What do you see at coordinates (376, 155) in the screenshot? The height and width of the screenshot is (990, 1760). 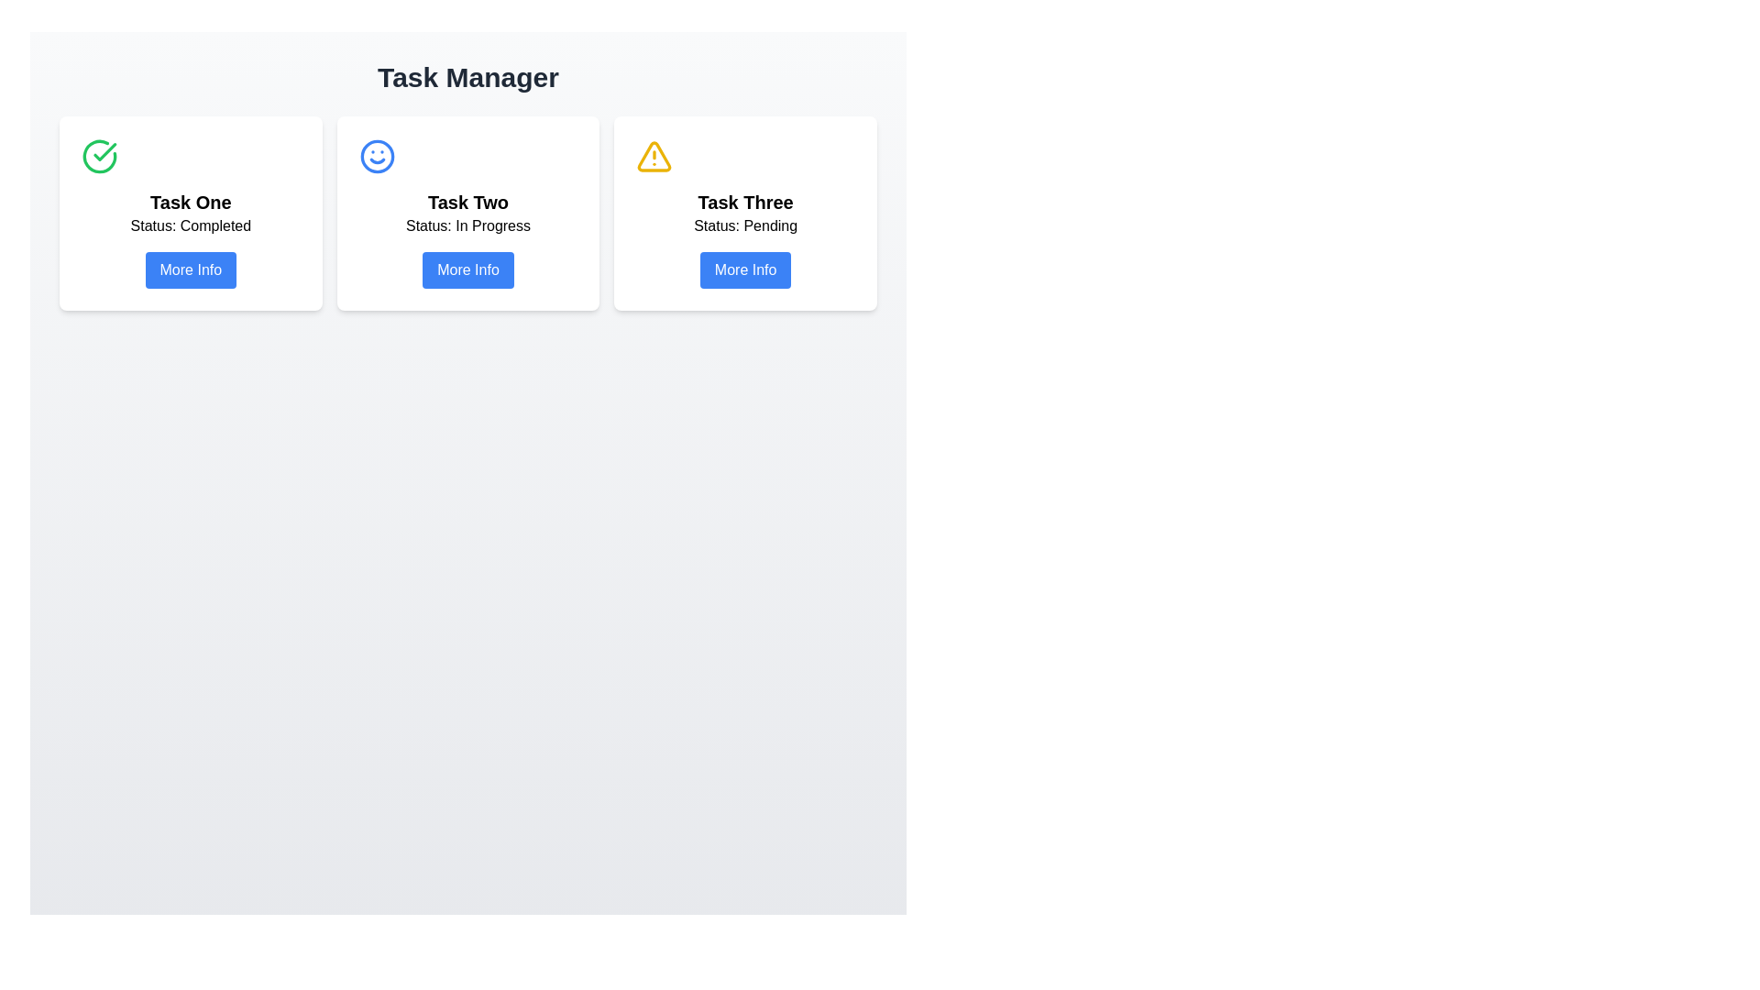 I see `the positivity icon located at the top of the second task card, which indicates progress and is positioned above the text 'Task Two: Status: In Progress'` at bounding box center [376, 155].